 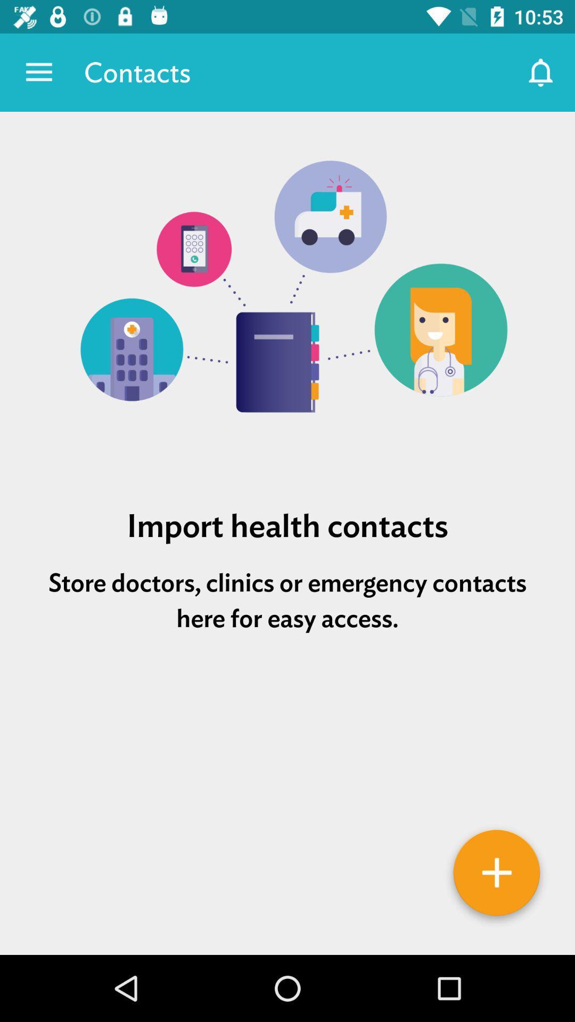 What do you see at coordinates (541, 72) in the screenshot?
I see `the item next to the contacts` at bounding box center [541, 72].